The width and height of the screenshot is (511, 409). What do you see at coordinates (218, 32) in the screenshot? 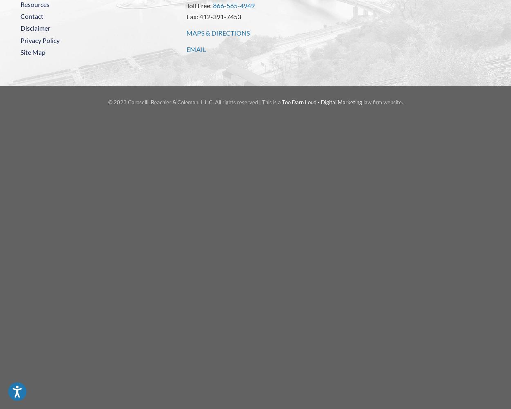
I see `'MAPS & DIRECTIONS'` at bounding box center [218, 32].